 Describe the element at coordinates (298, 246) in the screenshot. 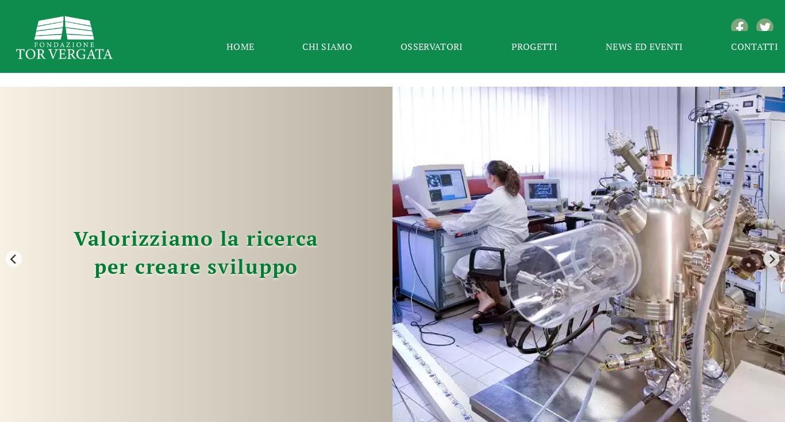

I see `'Beniamino Quintieri nuovo presidente dell'Istituto per il Credito Sportivo'` at that location.